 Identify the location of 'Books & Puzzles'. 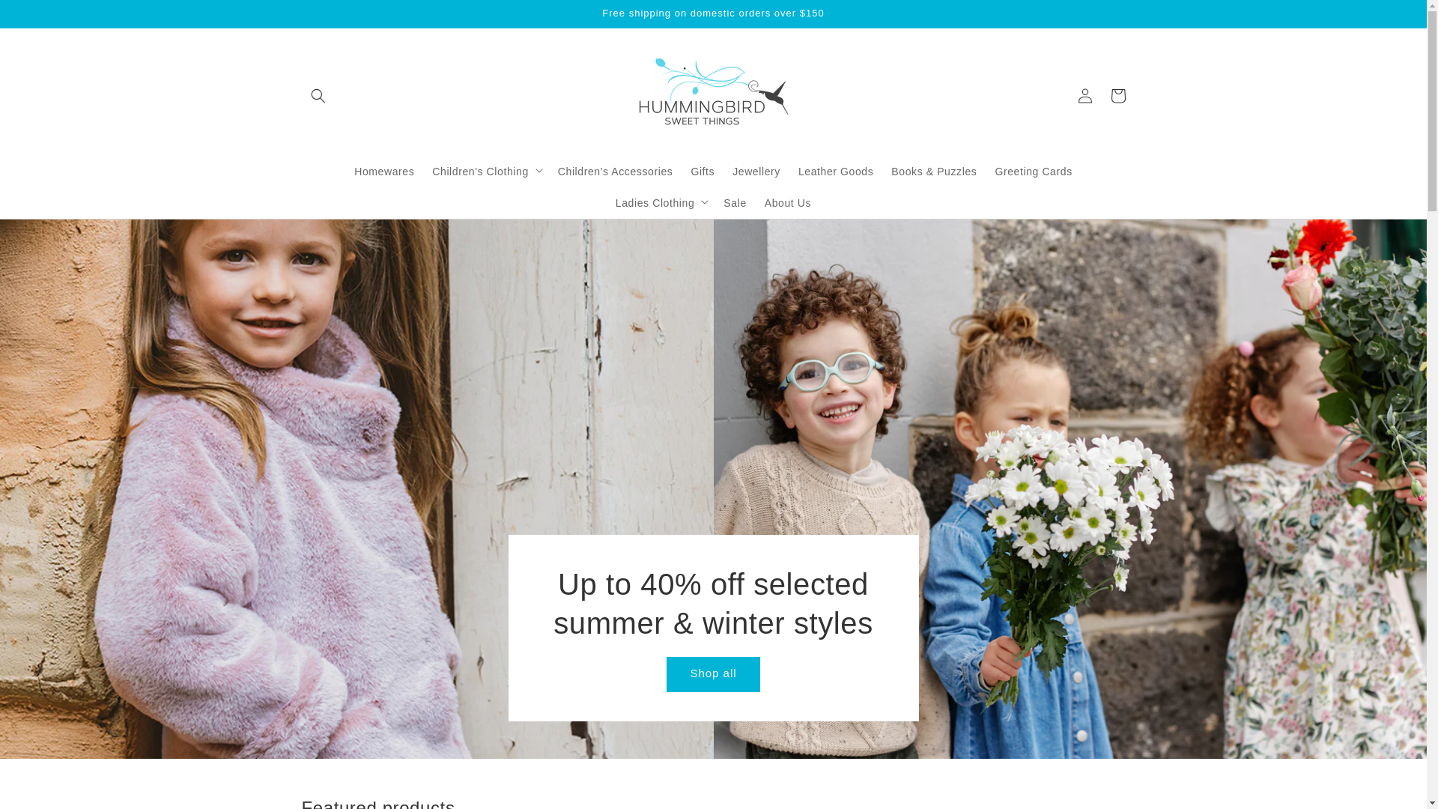
(882, 169).